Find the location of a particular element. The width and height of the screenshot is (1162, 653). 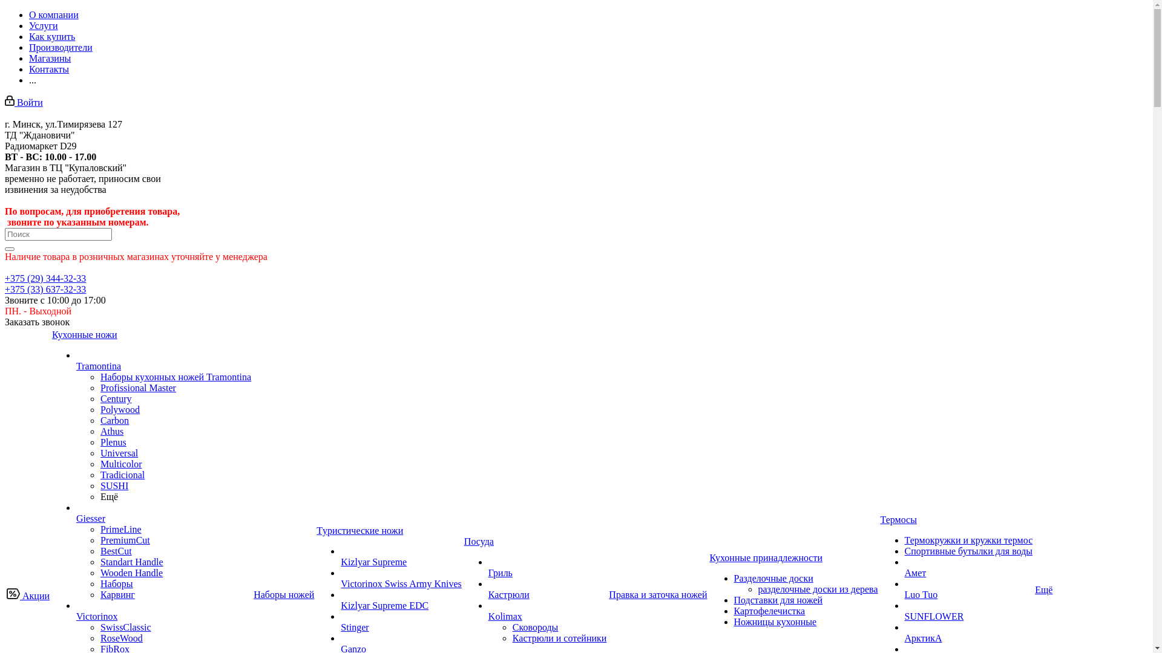

'Tramontina' is located at coordinates (76, 357).